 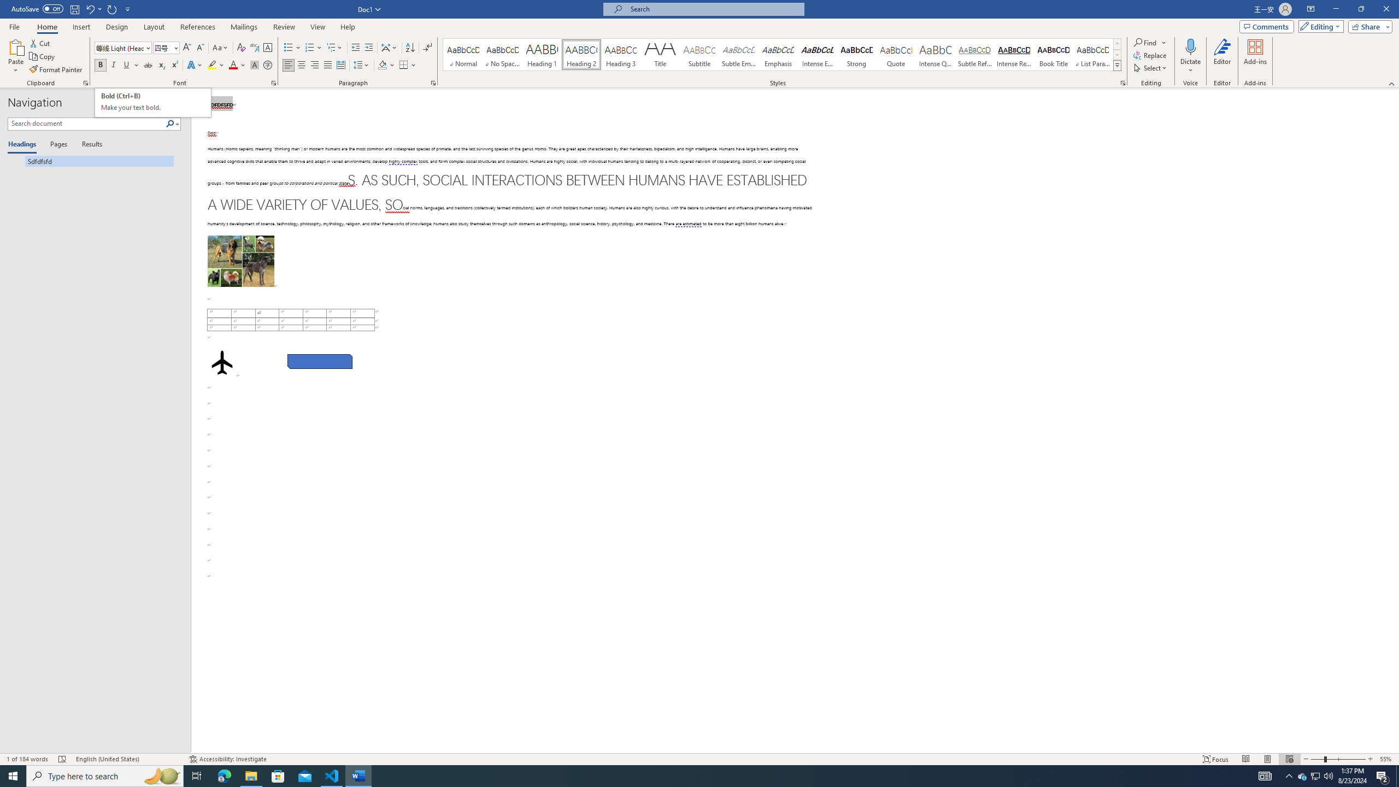 I want to click on 'Dictate', so click(x=1190, y=56).